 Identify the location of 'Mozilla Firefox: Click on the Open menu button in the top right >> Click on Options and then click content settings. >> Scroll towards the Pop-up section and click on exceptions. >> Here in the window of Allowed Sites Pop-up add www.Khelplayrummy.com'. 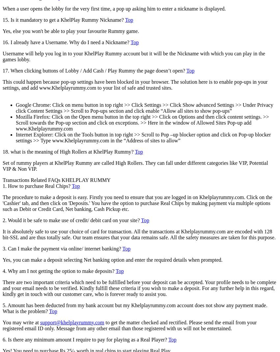
(142, 122).